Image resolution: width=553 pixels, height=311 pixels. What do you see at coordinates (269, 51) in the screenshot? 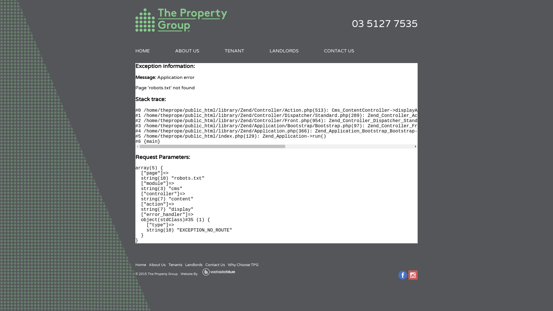
I see `'LANDLORDS'` at bounding box center [269, 51].